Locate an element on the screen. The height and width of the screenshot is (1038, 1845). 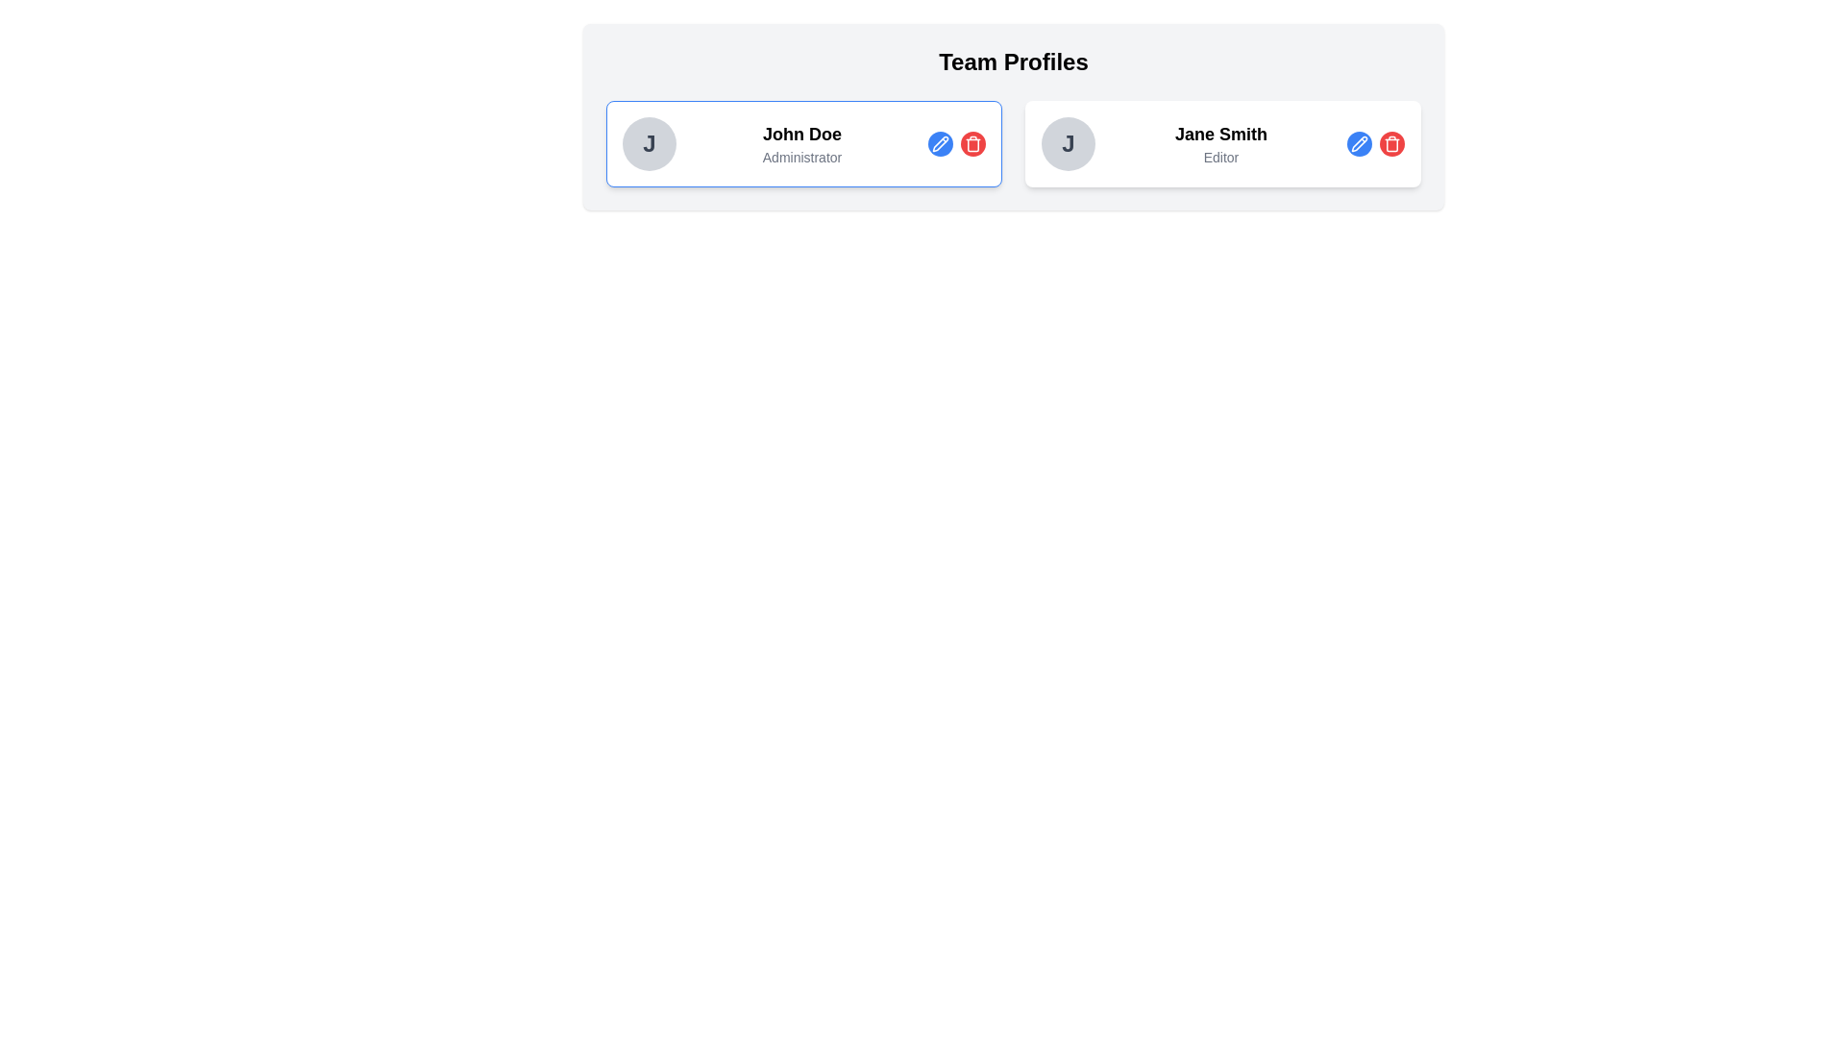
the delete button located at the rightmost position of the horizontal arrangement of buttons in the second user profile card labeled 'Jane Smith' is located at coordinates (1392, 143).